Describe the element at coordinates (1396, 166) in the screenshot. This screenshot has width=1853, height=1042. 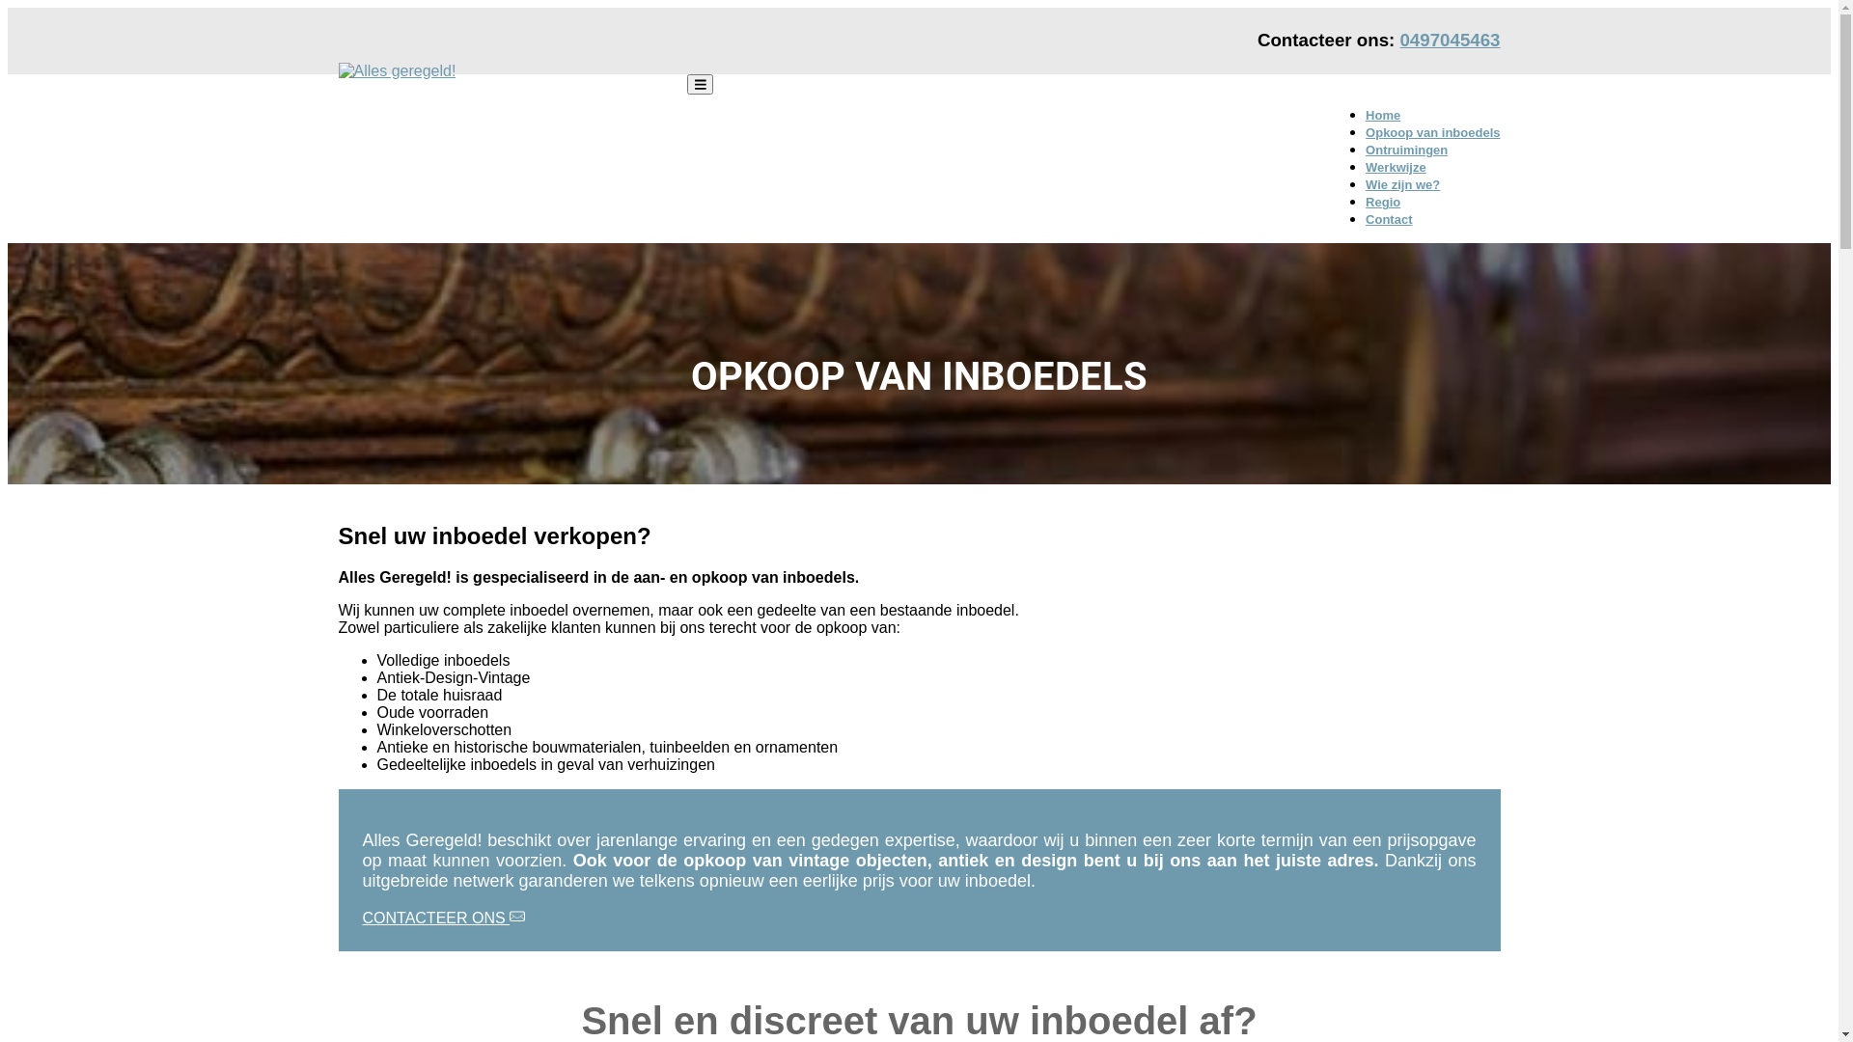
I see `'Werkwijze'` at that location.